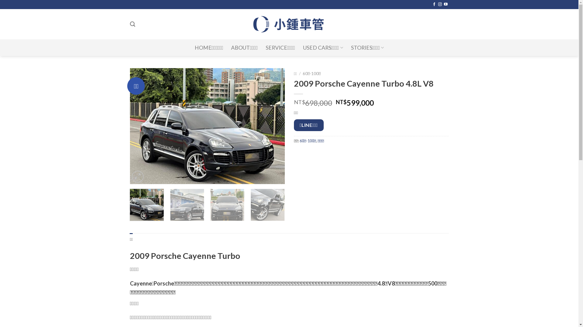 This screenshot has height=327, width=583. Describe the element at coordinates (444, 5) in the screenshot. I see `'Follow on YouTube'` at that location.